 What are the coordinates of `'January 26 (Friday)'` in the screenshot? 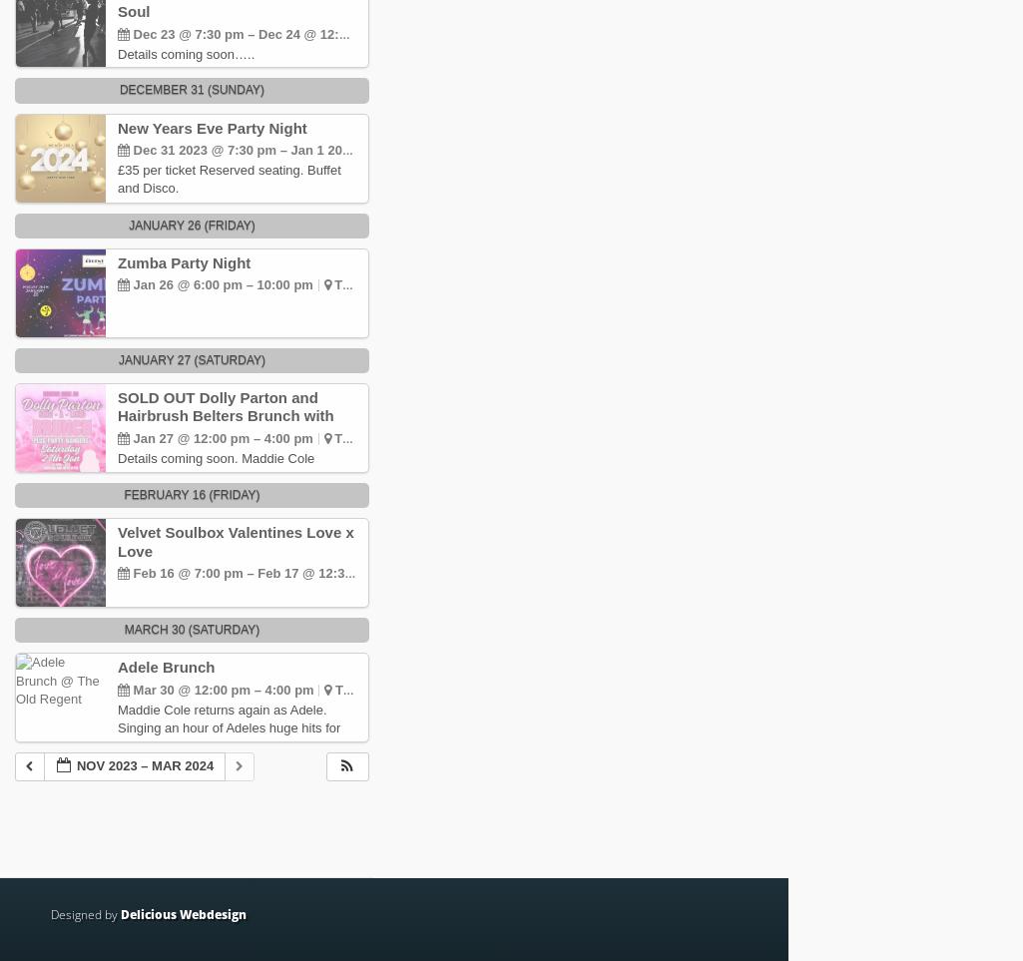 It's located at (191, 224).